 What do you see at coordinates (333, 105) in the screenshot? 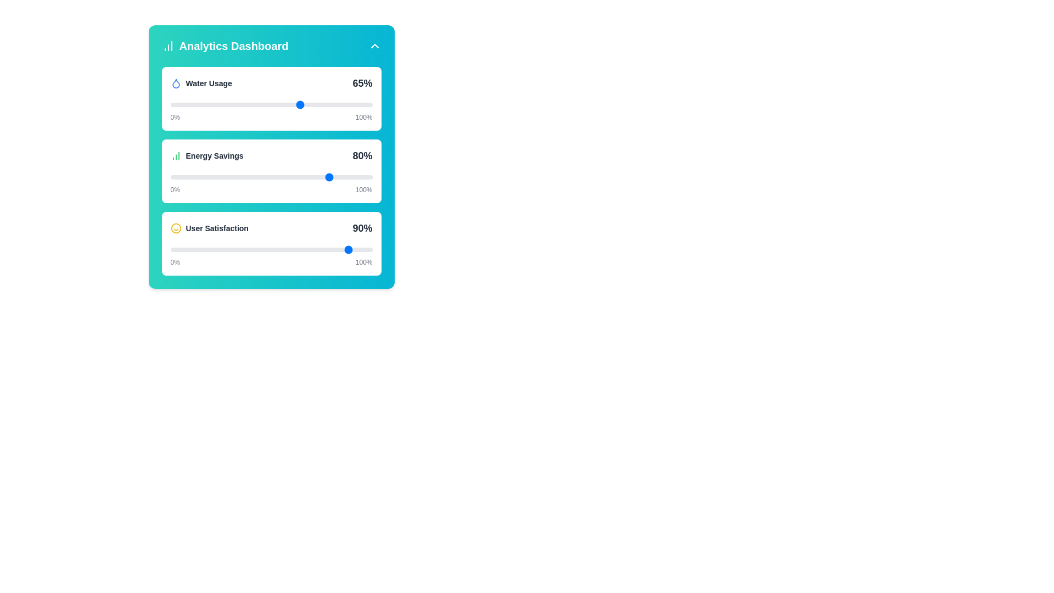
I see `the water usage slider` at bounding box center [333, 105].